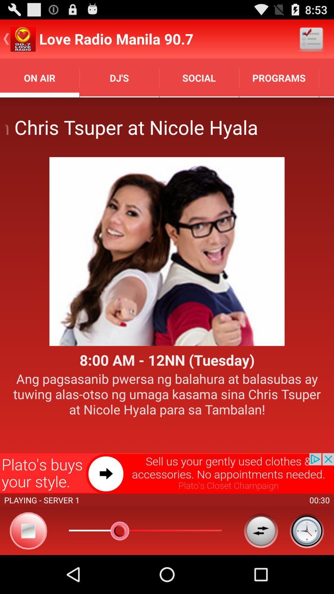 Image resolution: width=334 pixels, height=594 pixels. I want to click on stop option, so click(28, 530).